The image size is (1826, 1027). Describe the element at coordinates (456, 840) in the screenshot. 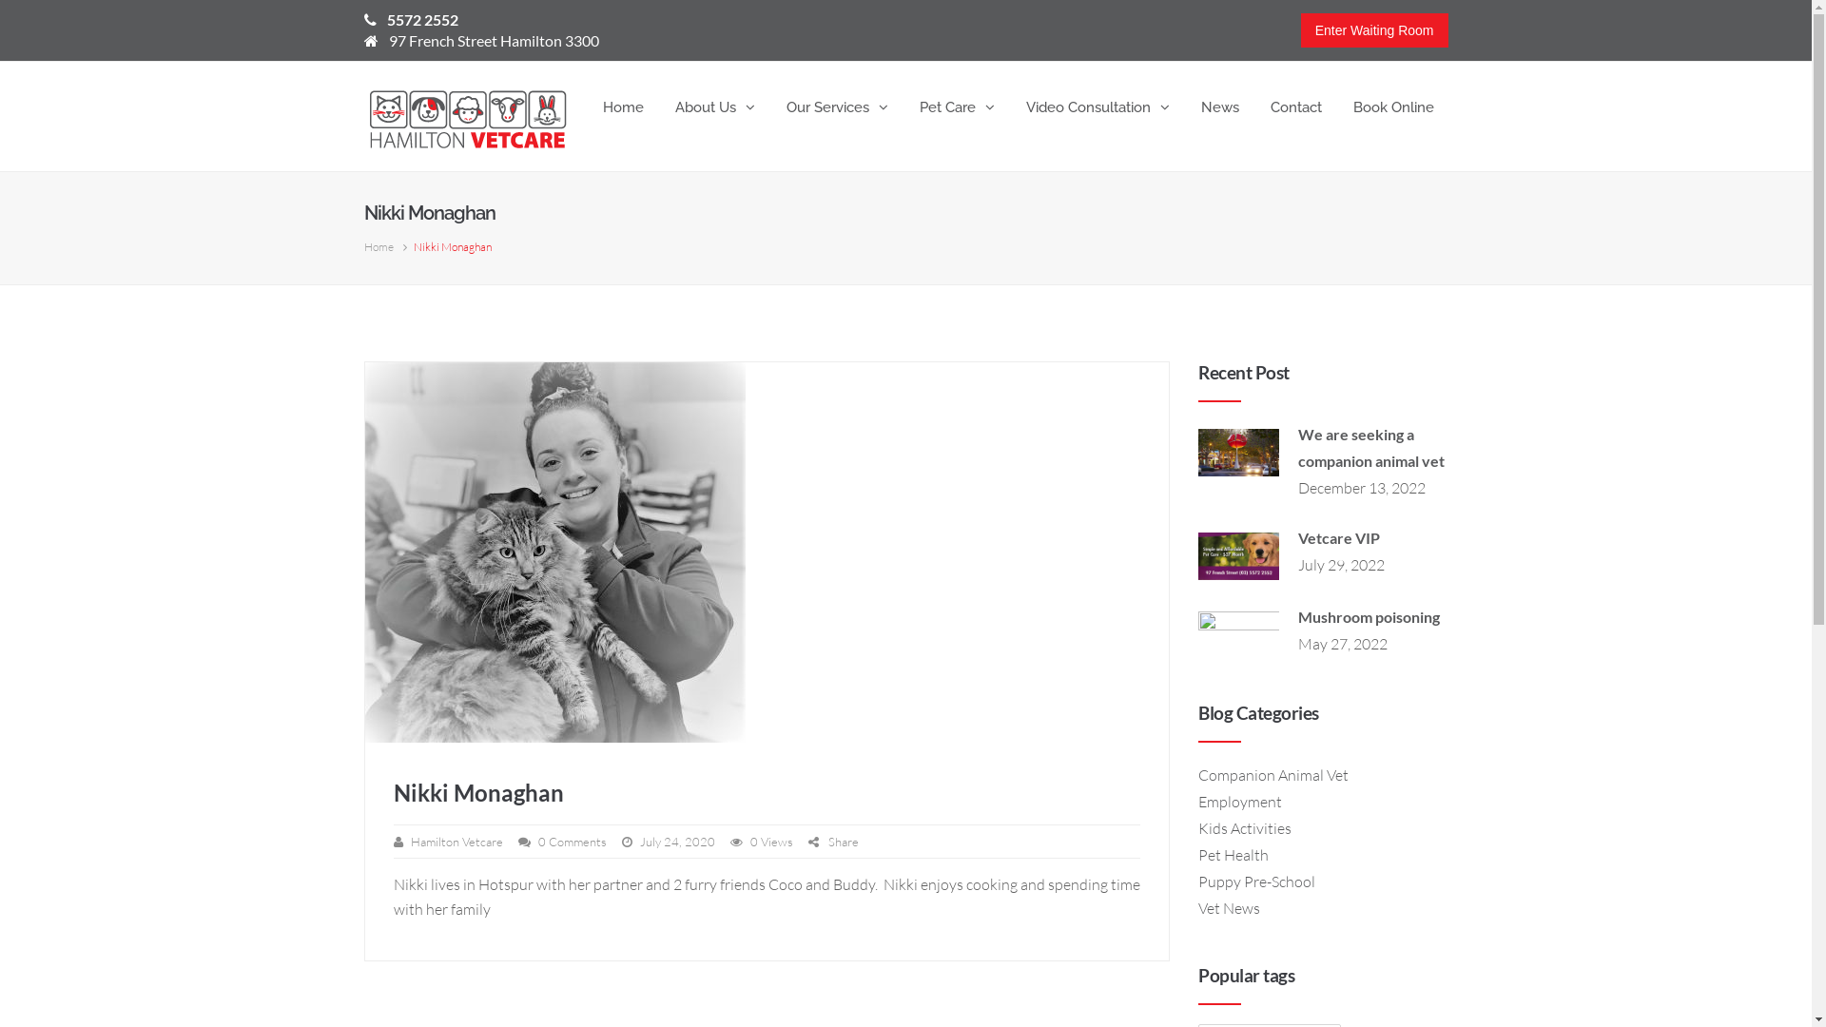

I see `'Hamilton Vetcare'` at that location.